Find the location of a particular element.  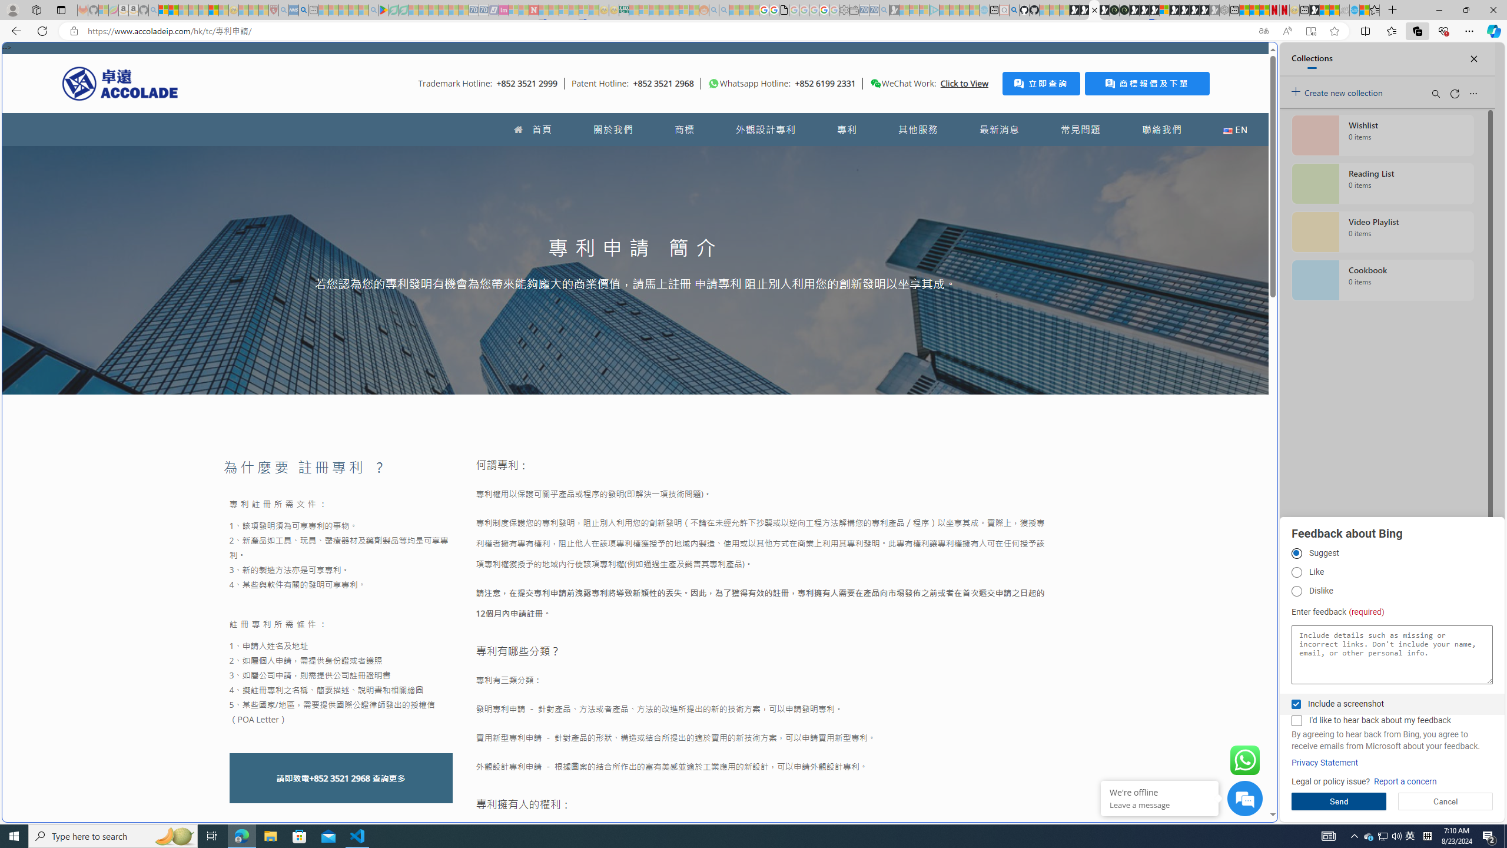

'Close split screen' is located at coordinates (1250, 59).